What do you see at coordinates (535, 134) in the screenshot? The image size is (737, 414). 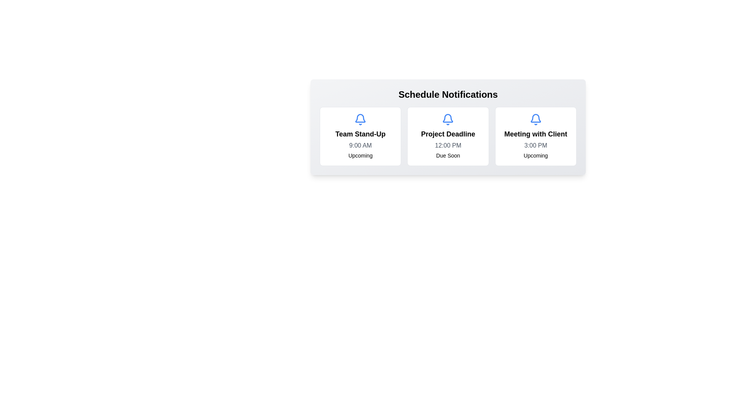 I see `the Text label that displays the title of a scheduled event within the third card under 'Schedule Notifications'` at bounding box center [535, 134].